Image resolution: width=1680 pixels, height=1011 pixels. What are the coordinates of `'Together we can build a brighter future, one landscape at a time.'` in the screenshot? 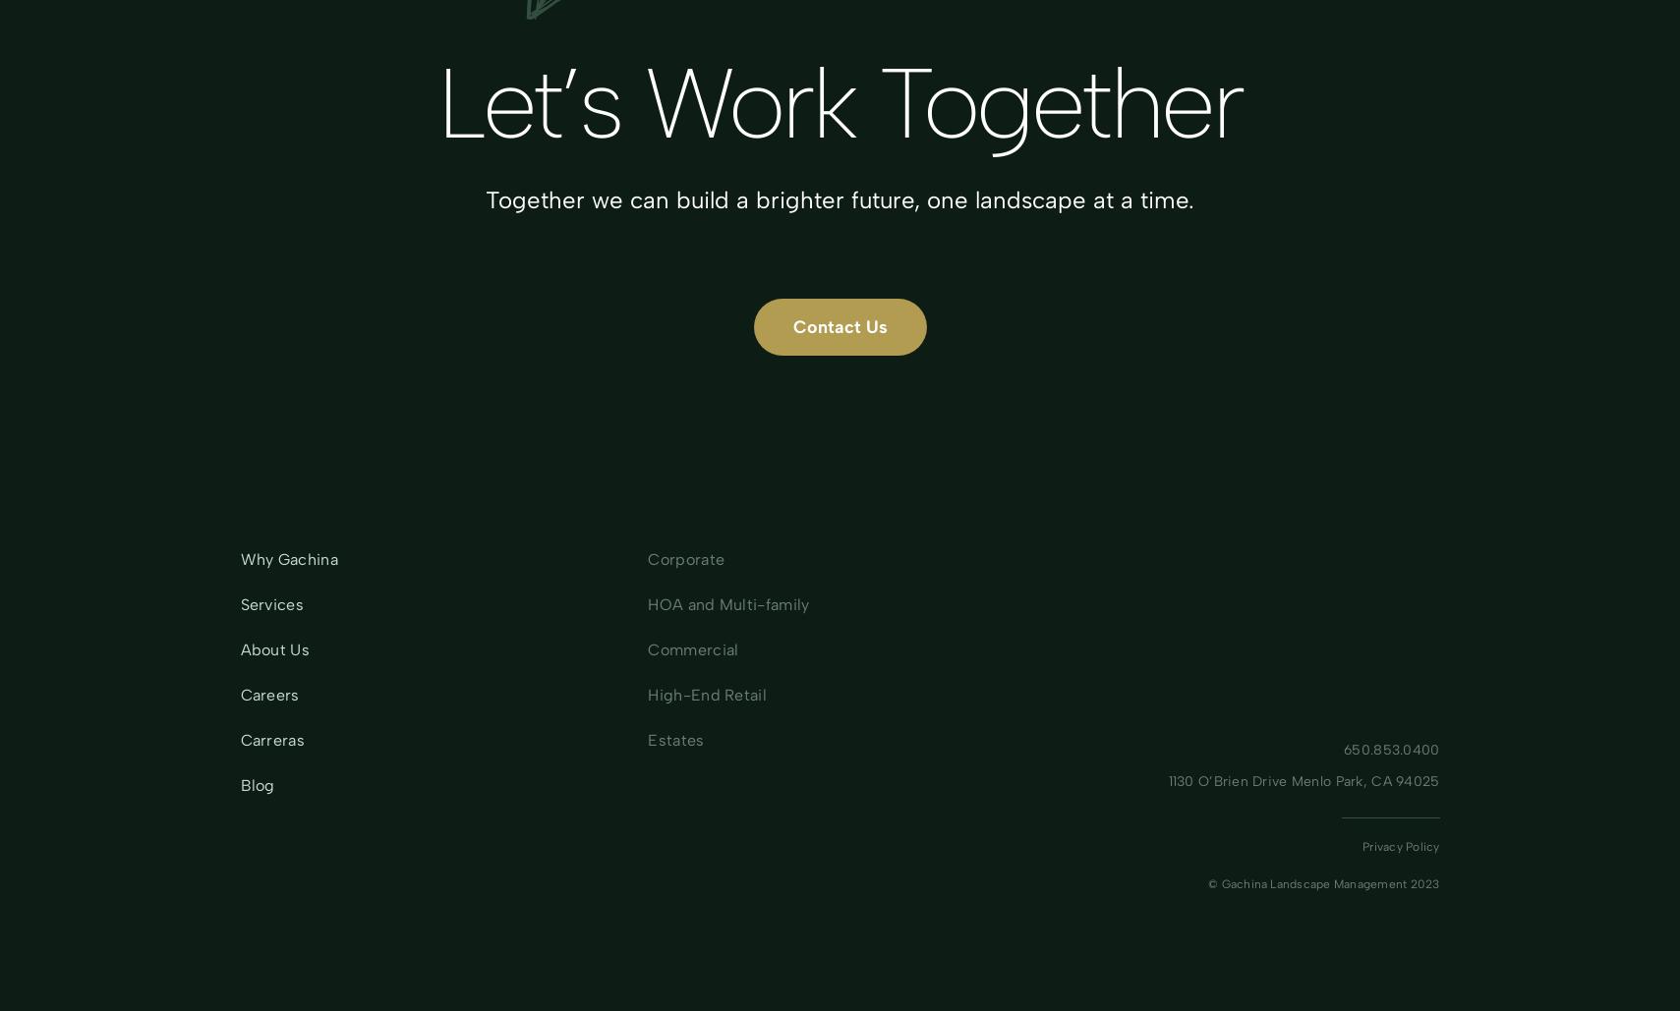 It's located at (485, 199).